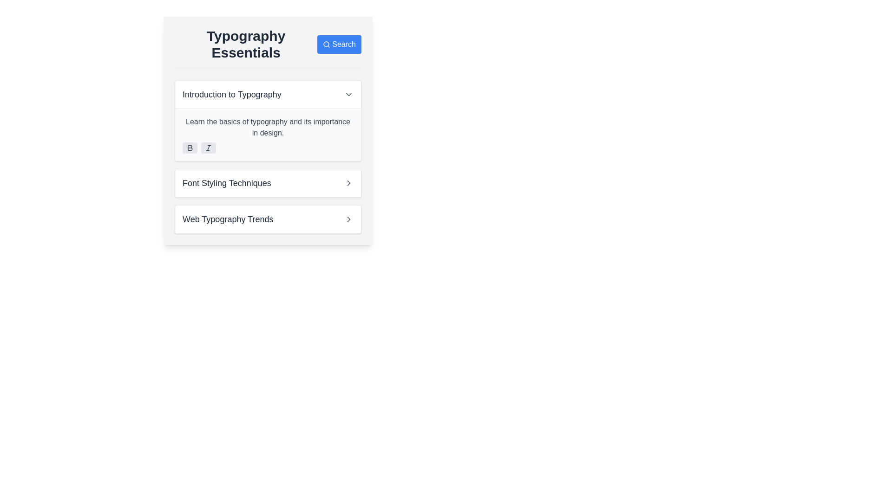 This screenshot has width=892, height=501. What do you see at coordinates (208, 148) in the screenshot?
I see `the second interactive button for italic styling located under the 'Introduction to Typography' section` at bounding box center [208, 148].